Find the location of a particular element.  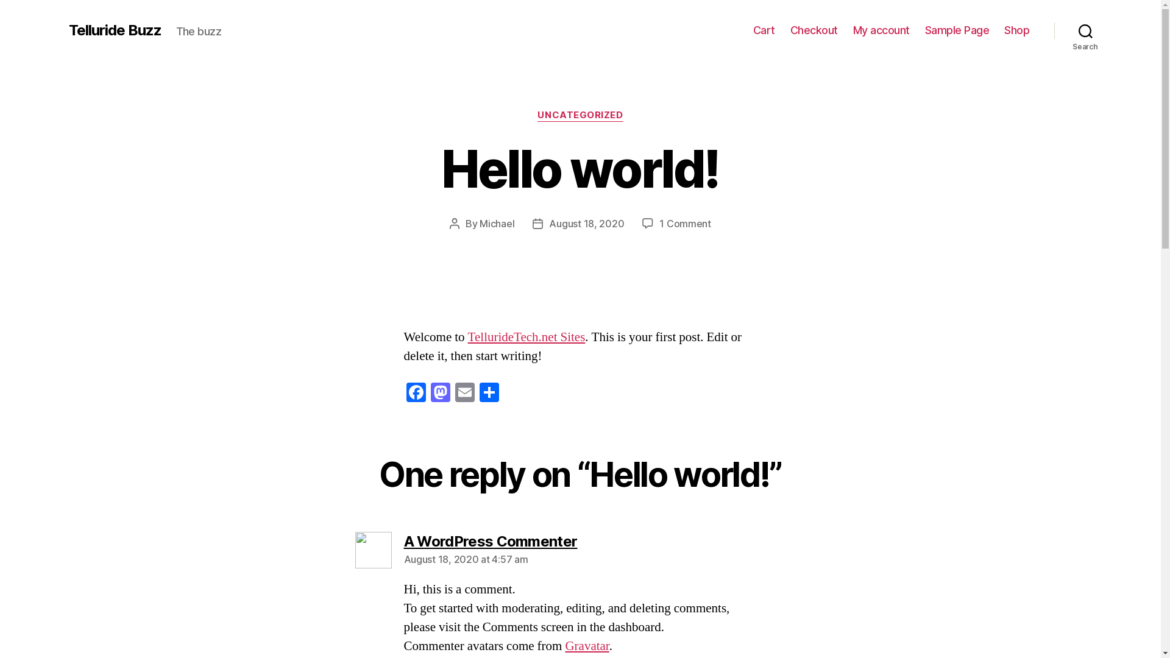

'Mastodon' is located at coordinates (439, 394).